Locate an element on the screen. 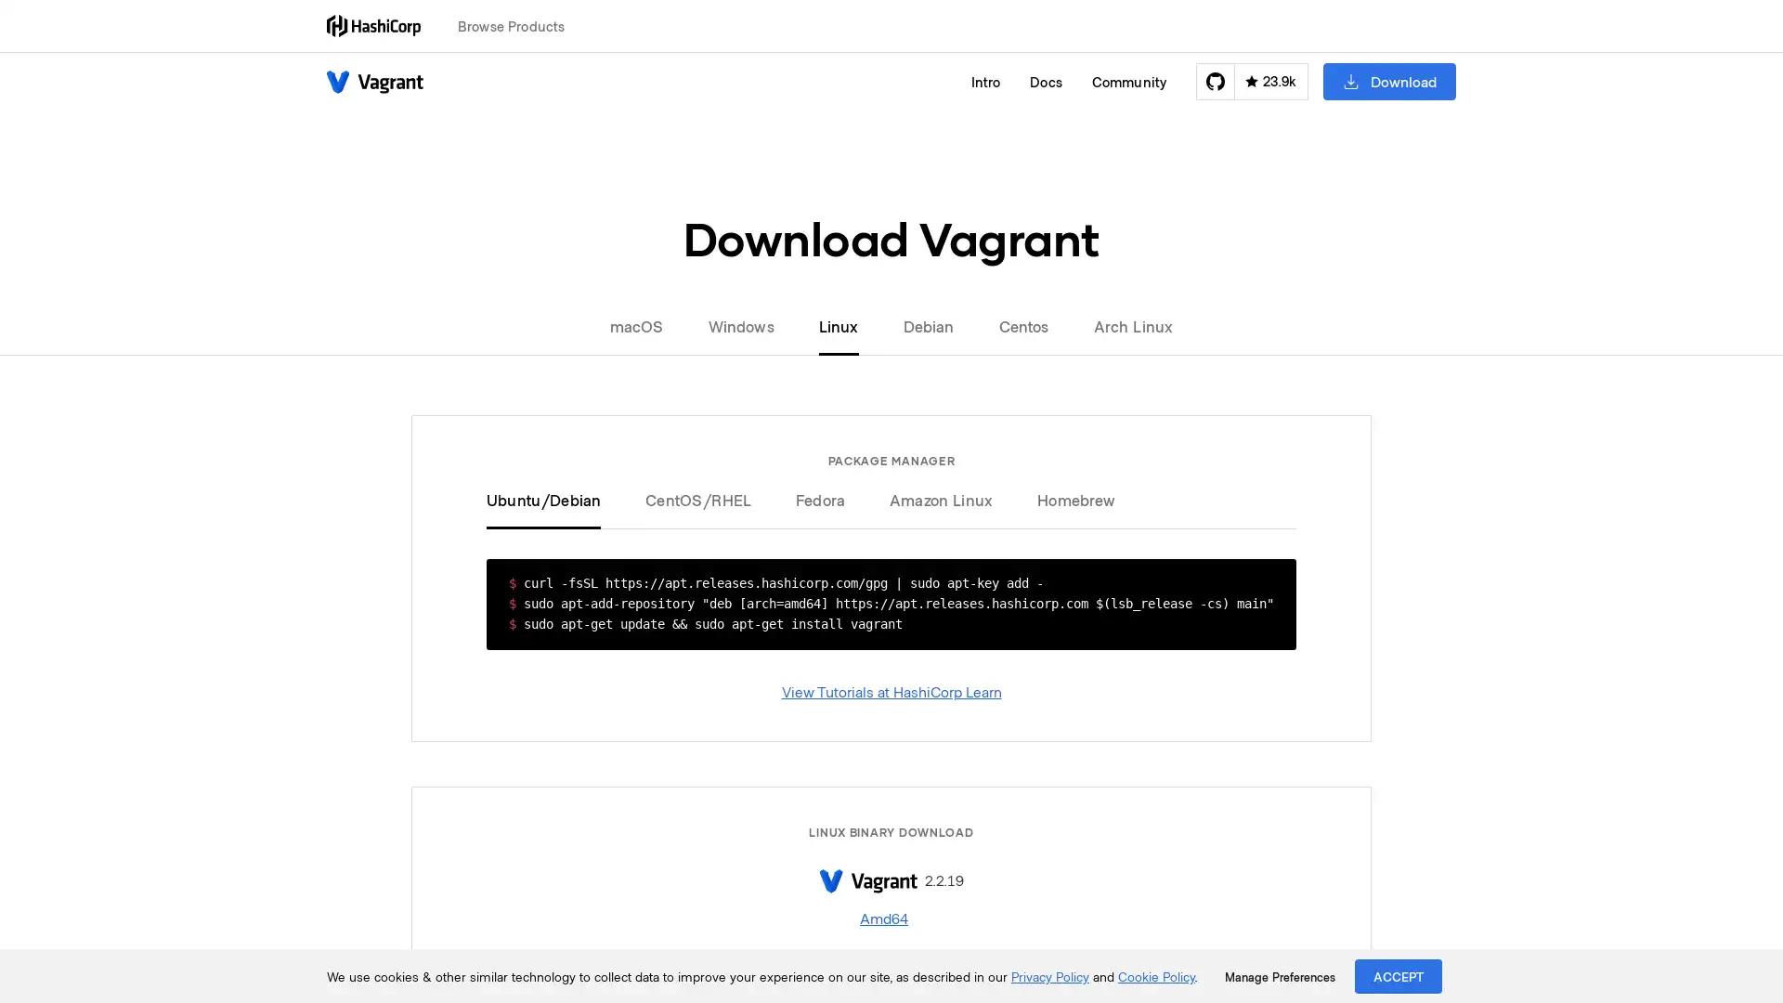  Ubuntu/Debian is located at coordinates (553, 498).